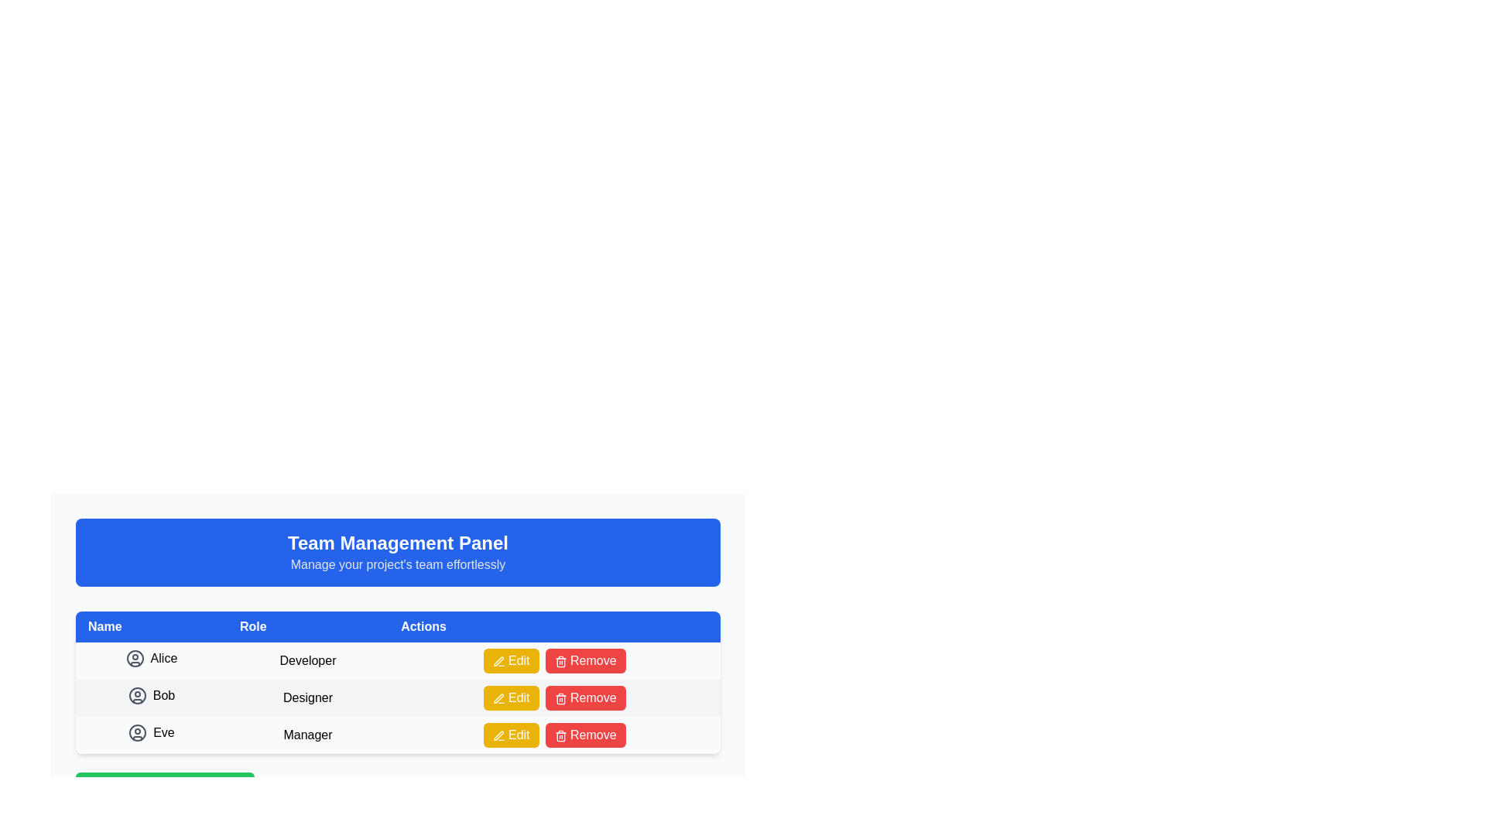  What do you see at coordinates (511, 660) in the screenshot?
I see `the 'Edit' button with a yellow background and a pen icon, located in the 'Actions' column of the table for the 'Developer' role to change its background color to a darker shade of yellow` at bounding box center [511, 660].